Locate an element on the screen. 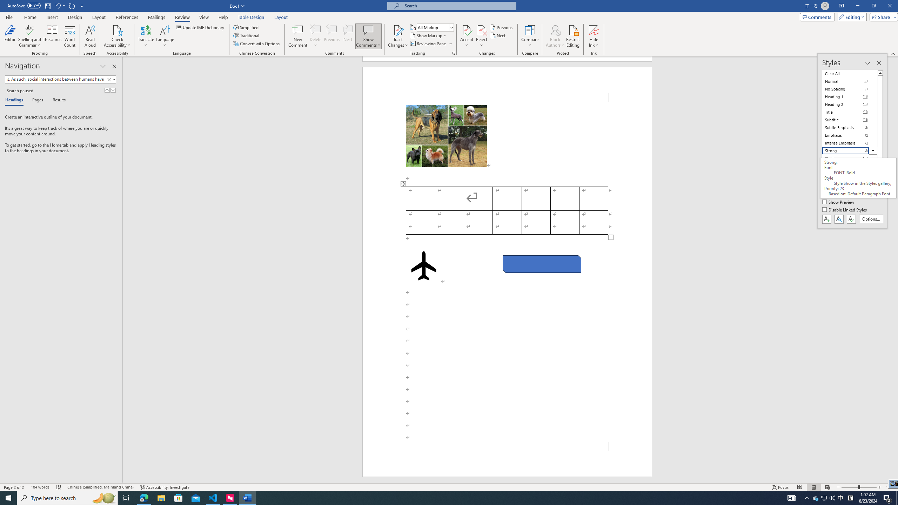 This screenshot has width=898, height=505. 'Repeat Style' is located at coordinates (72, 5).